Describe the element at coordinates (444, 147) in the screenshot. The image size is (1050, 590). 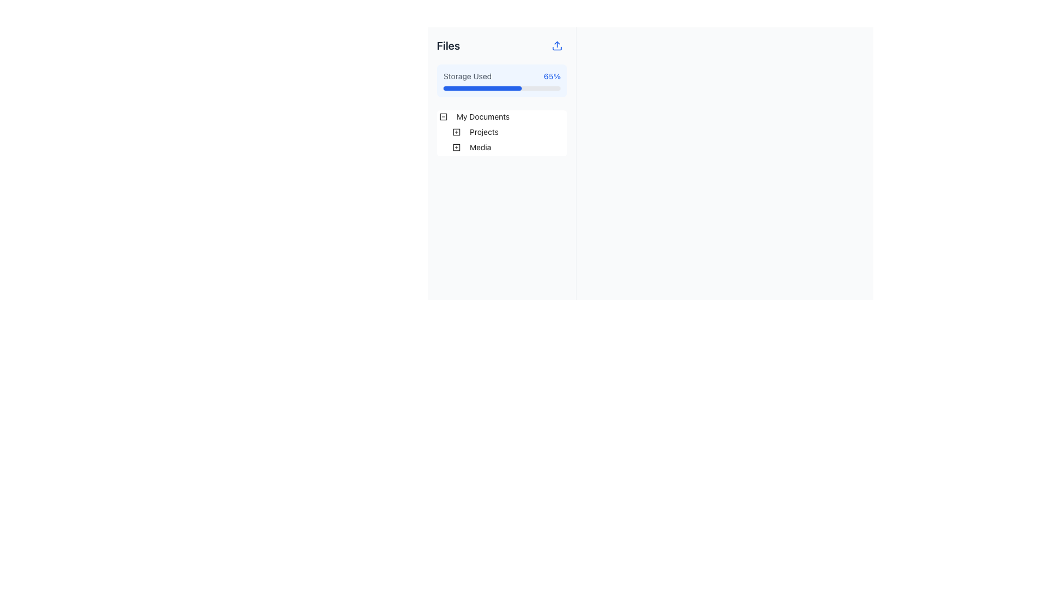
I see `the indentation guide or spacer in the tree structure that visually indicates the hierarchical level of the 'Media' item, located to the left of it` at that location.